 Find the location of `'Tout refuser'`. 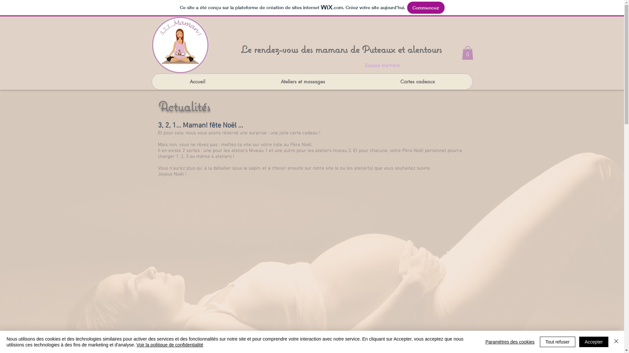

'Tout refuser' is located at coordinates (557, 341).